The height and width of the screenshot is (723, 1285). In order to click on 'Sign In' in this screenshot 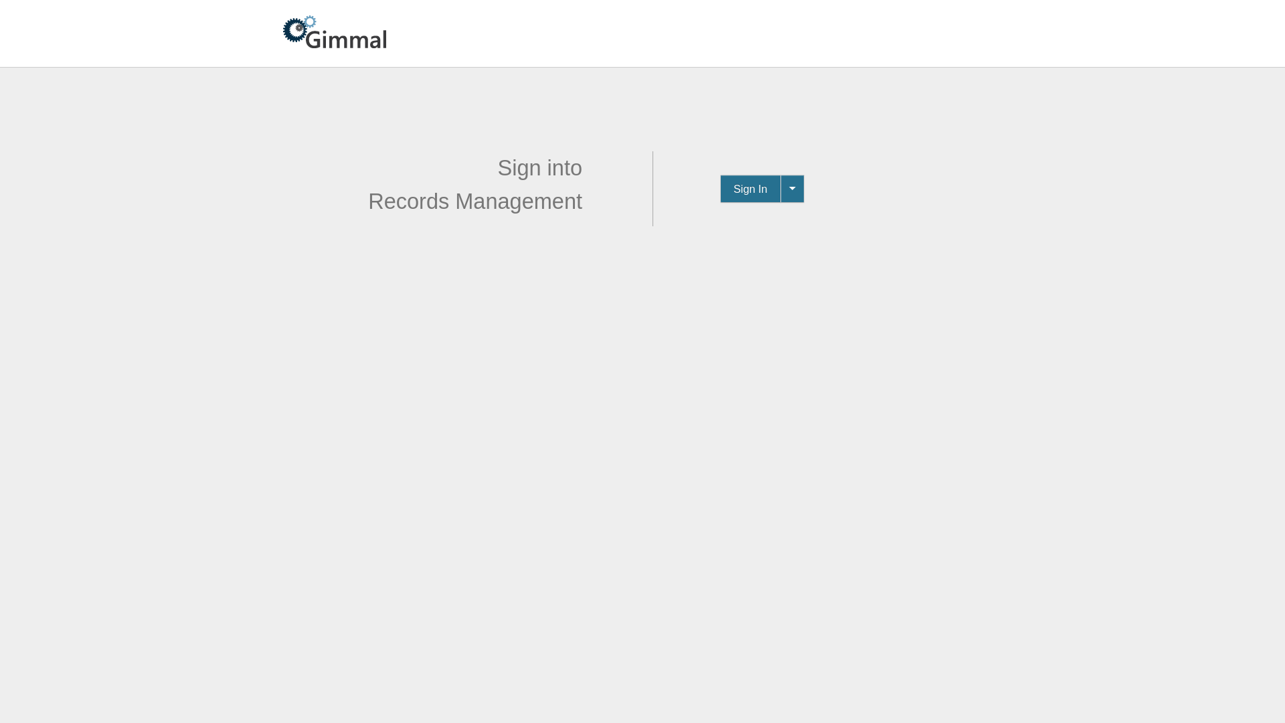, I will do `click(750, 188)`.